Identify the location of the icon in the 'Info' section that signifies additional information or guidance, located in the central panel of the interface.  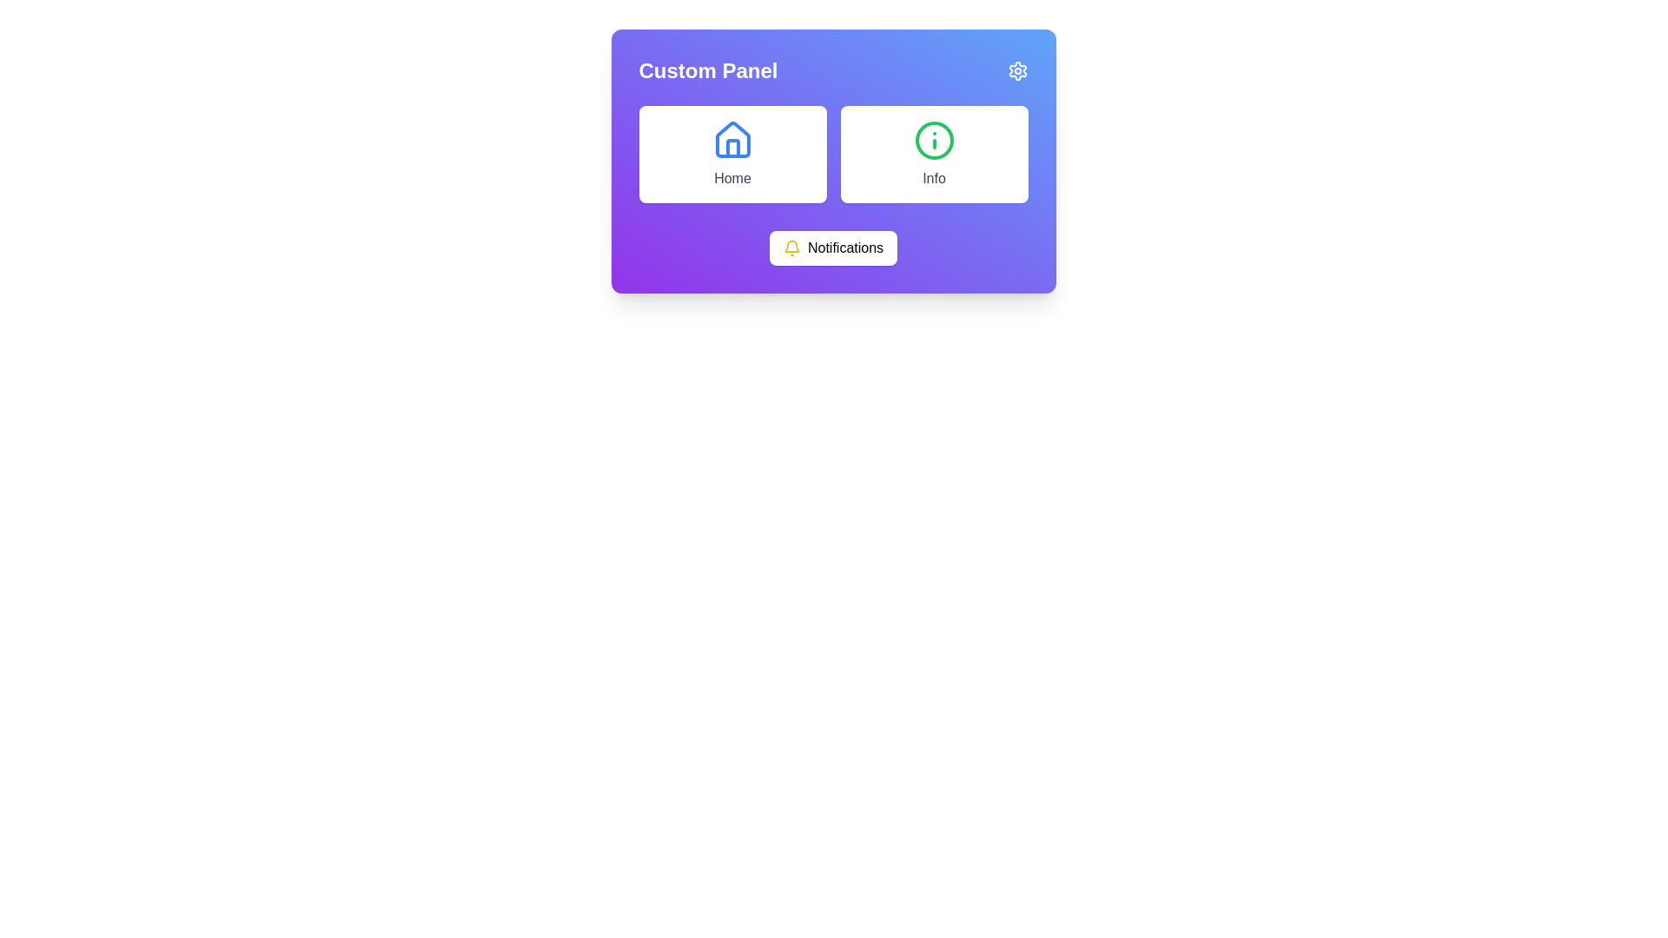
(933, 140).